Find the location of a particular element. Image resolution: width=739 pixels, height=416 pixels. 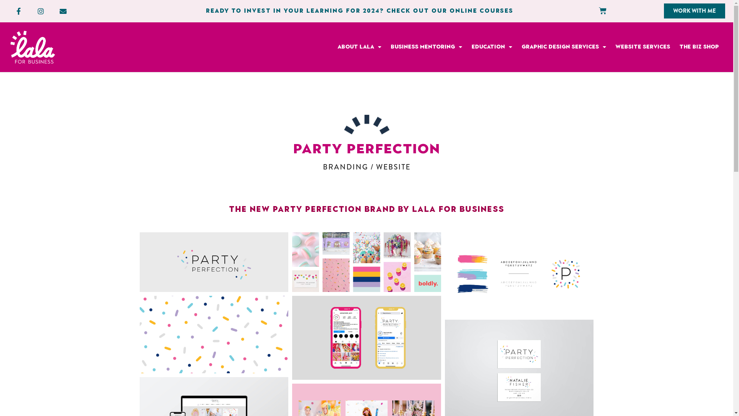

'WORK WITH ME' is located at coordinates (694, 11).